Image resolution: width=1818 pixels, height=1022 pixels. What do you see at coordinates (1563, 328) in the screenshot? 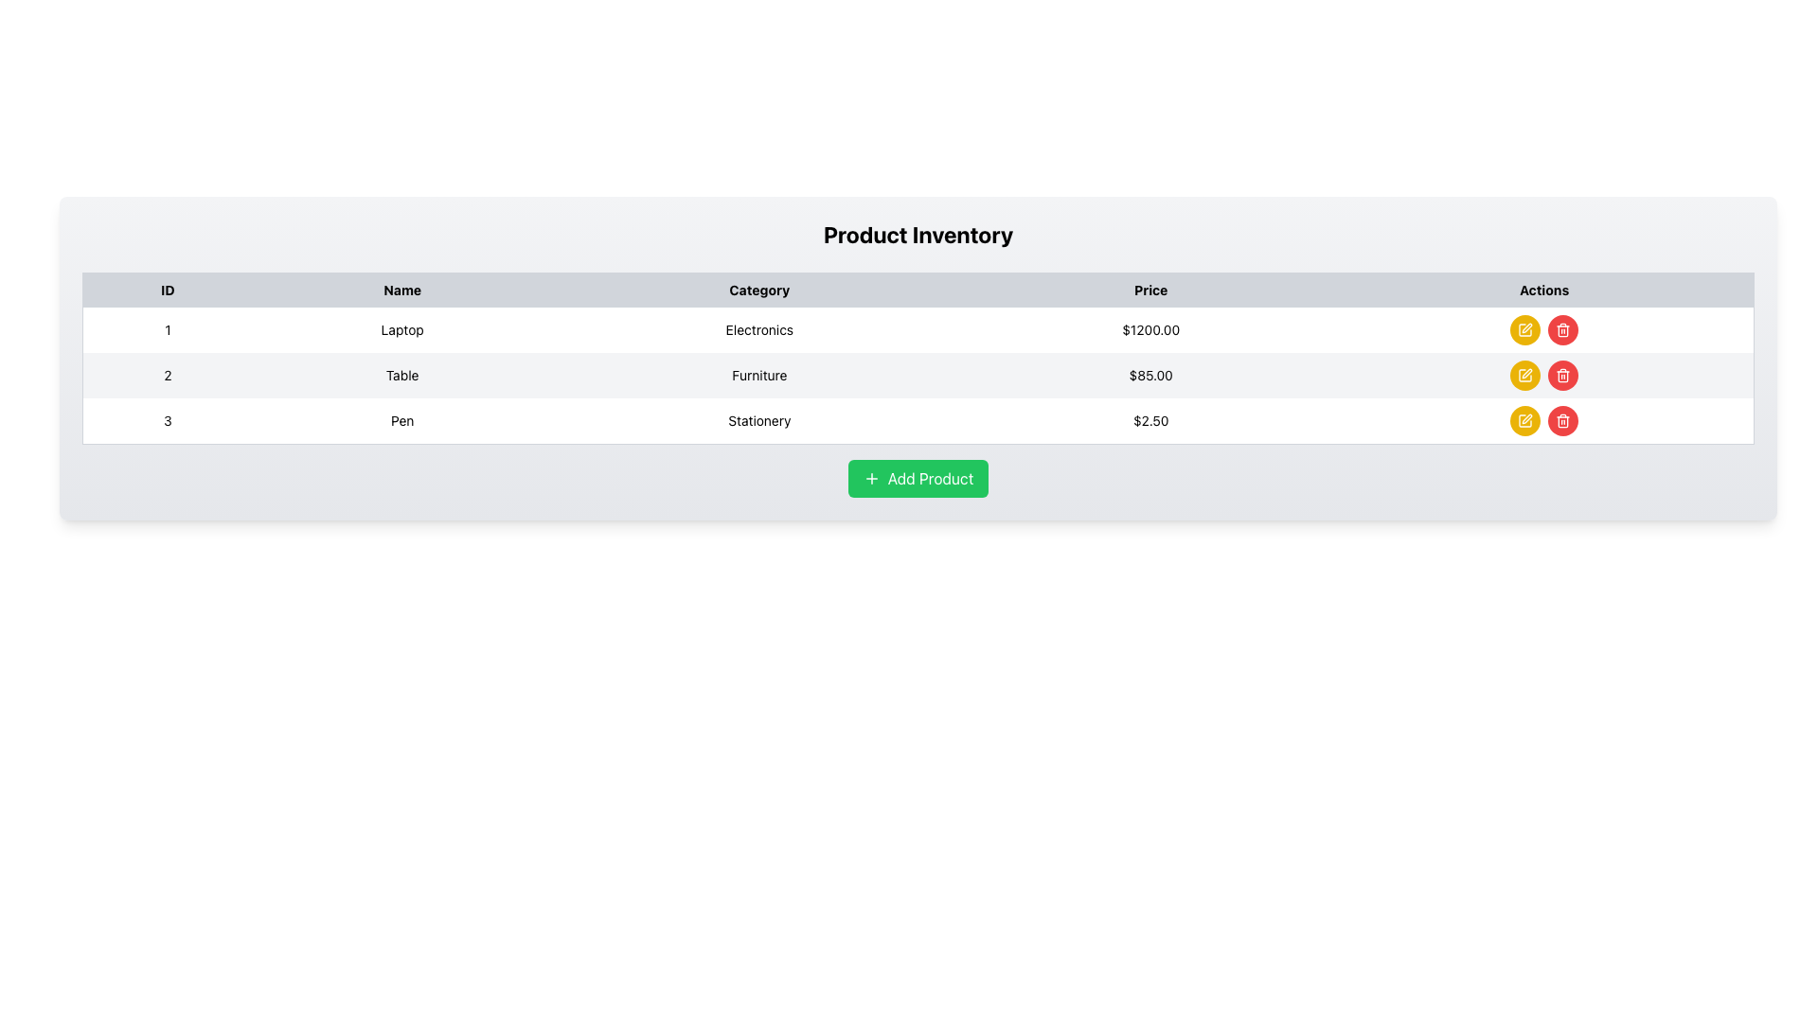
I see `the delete button located in the rightmost 'Actions' column of the row for the third item in the product inventory table` at bounding box center [1563, 328].